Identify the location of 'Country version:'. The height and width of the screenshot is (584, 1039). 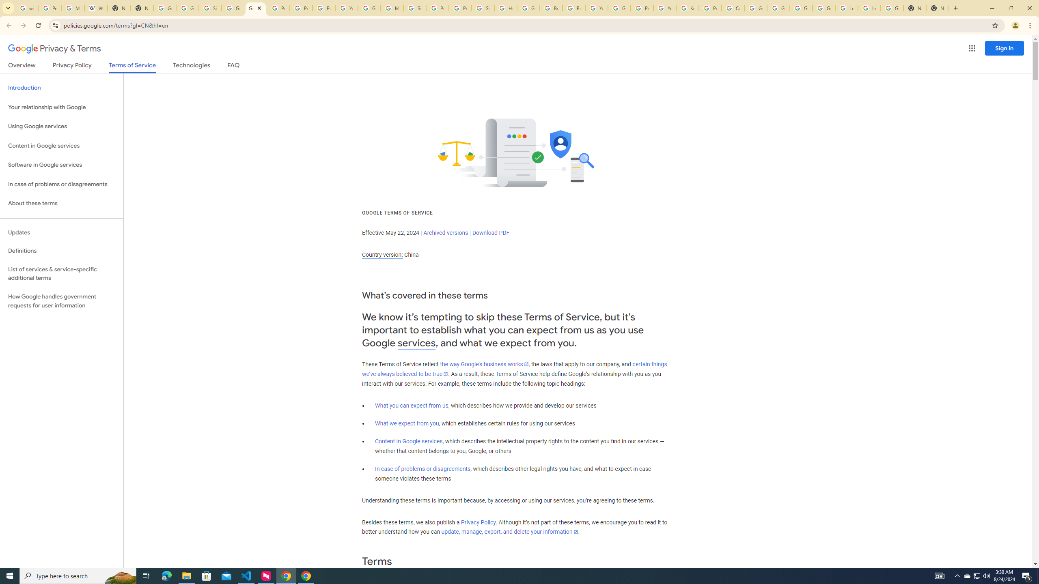
(382, 255).